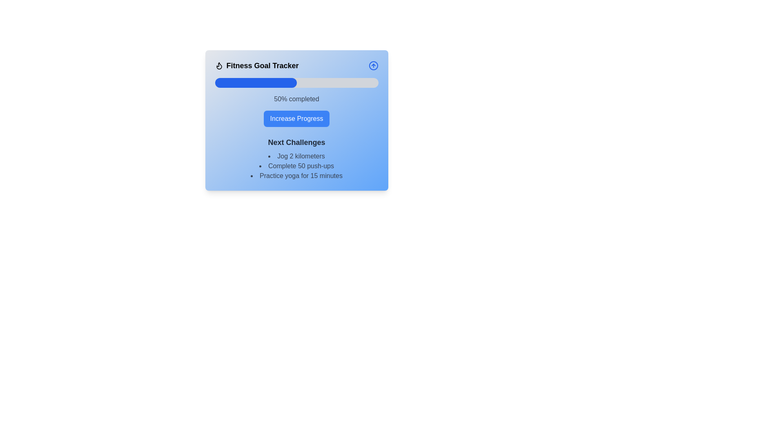  What do you see at coordinates (296, 142) in the screenshot?
I see `the 'Next Challenges' text header that introduces the upcoming bullet list of tasks, which is centrally located above the tasks` at bounding box center [296, 142].